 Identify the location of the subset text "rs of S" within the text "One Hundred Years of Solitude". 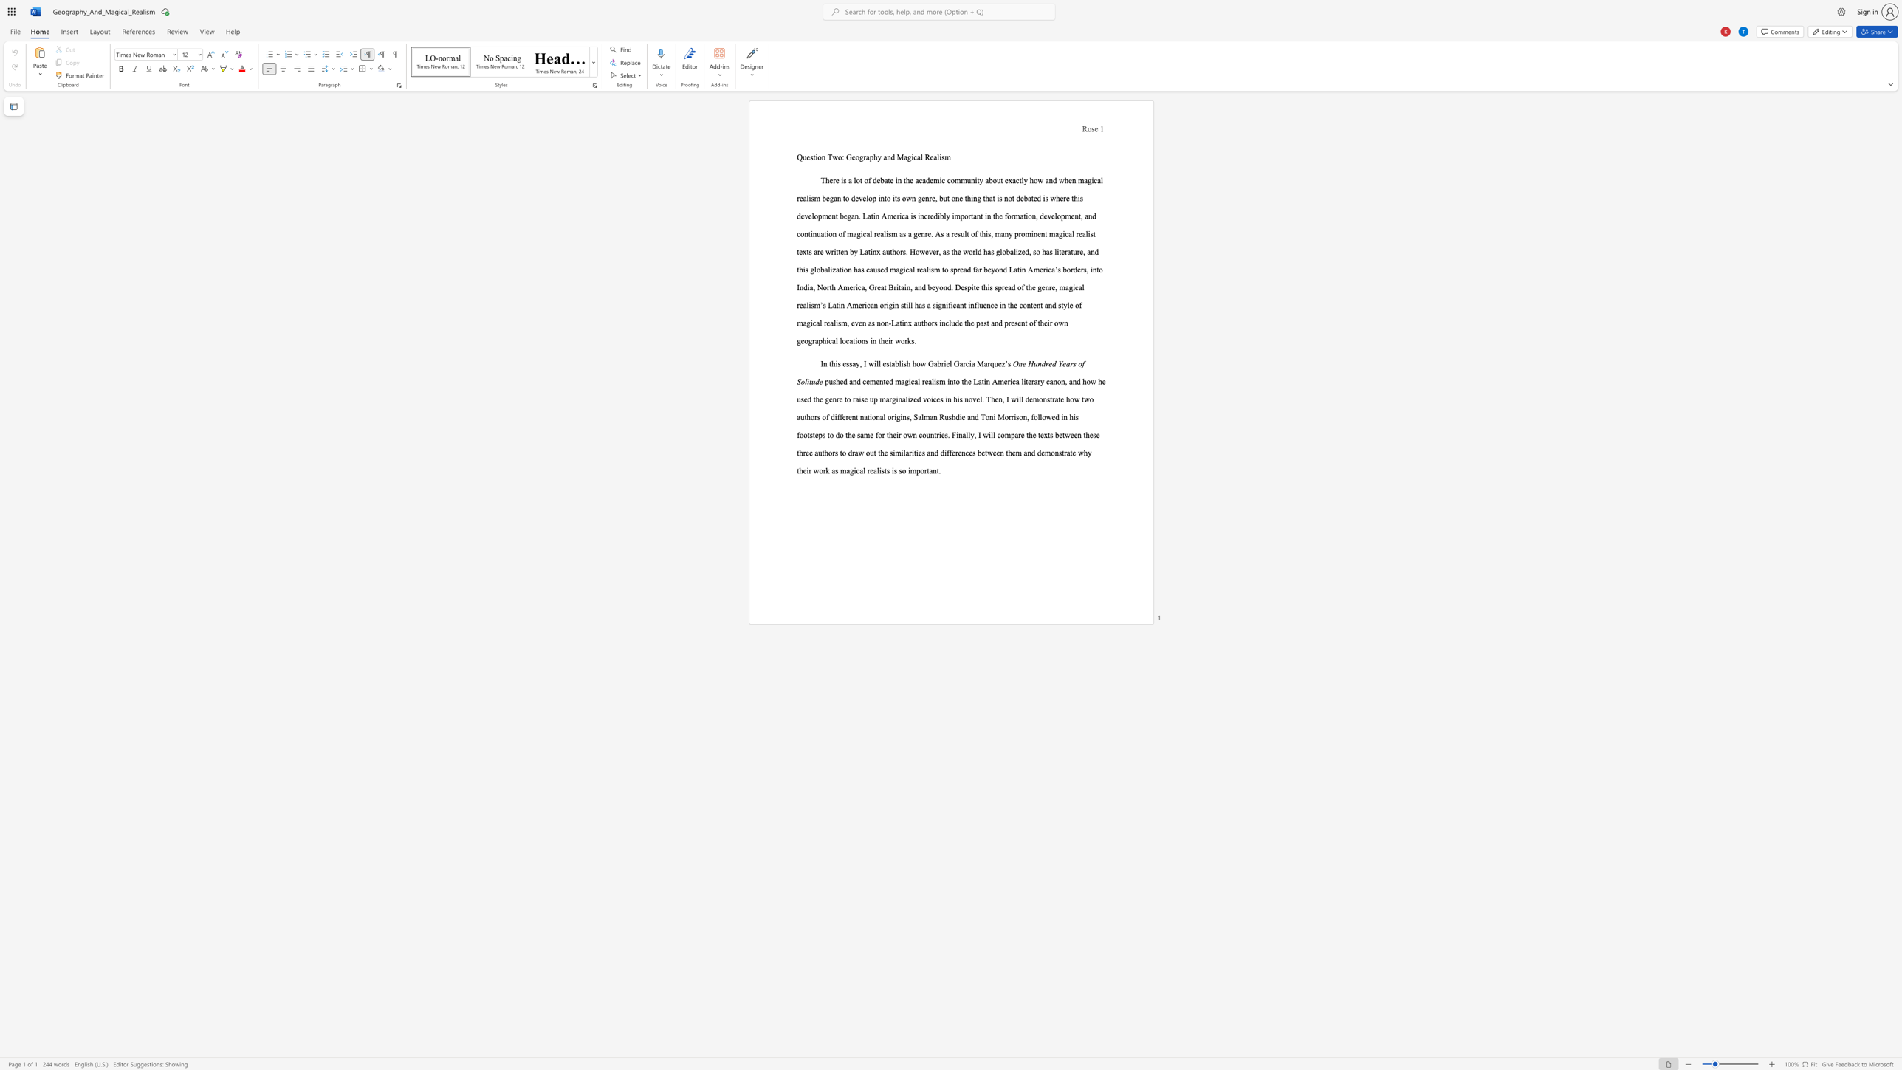
(1069, 363).